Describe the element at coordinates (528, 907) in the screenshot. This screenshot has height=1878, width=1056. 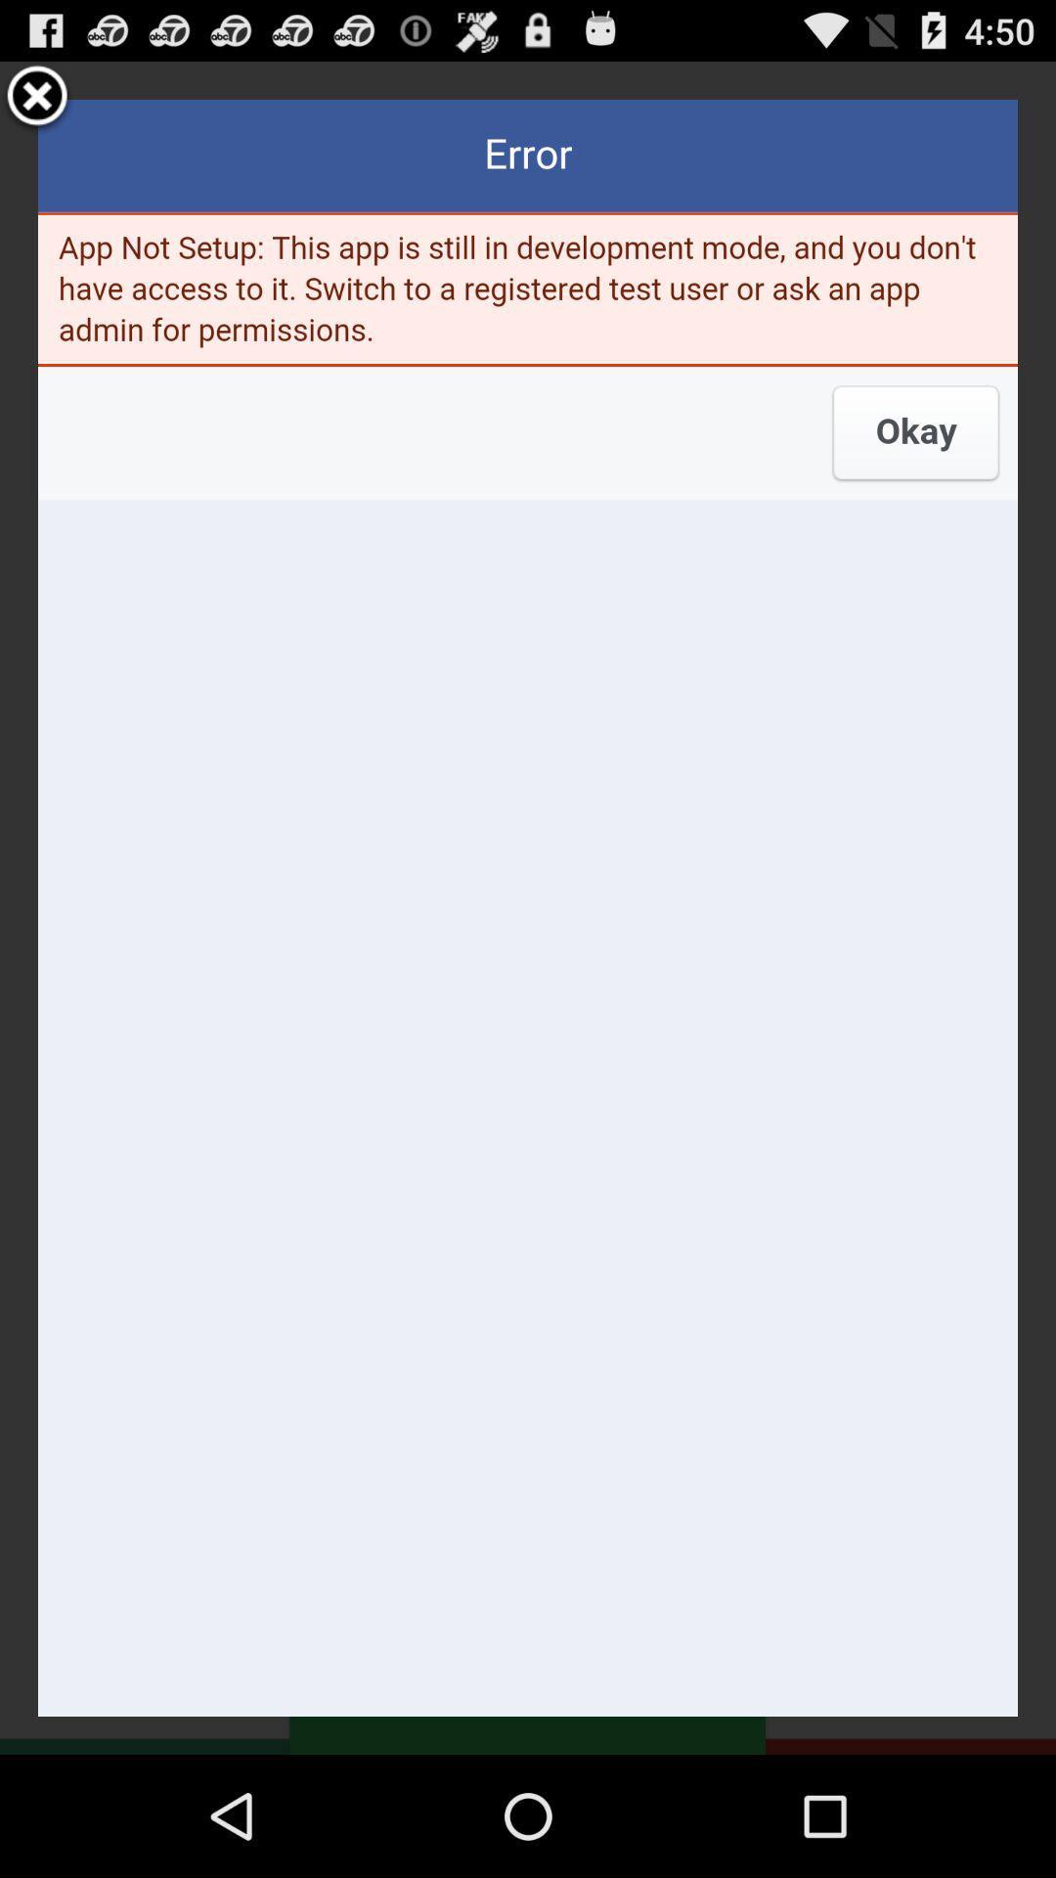
I see `error screen` at that location.